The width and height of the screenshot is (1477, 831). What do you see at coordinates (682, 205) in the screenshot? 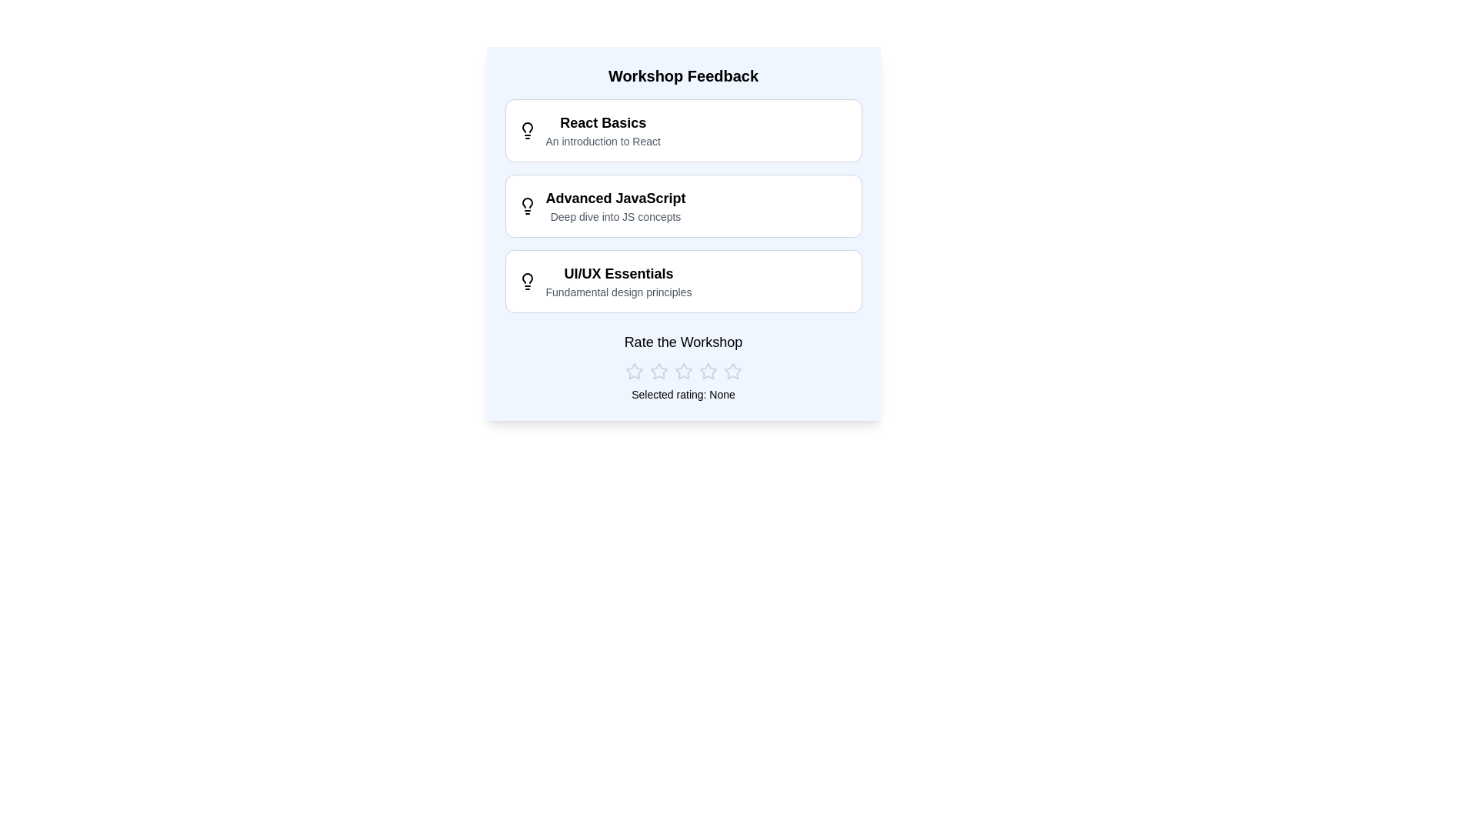
I see `the 'Advanced JavaScript' selectable card option located in the vertical list under the 'Workshop Feedback' header` at bounding box center [682, 205].